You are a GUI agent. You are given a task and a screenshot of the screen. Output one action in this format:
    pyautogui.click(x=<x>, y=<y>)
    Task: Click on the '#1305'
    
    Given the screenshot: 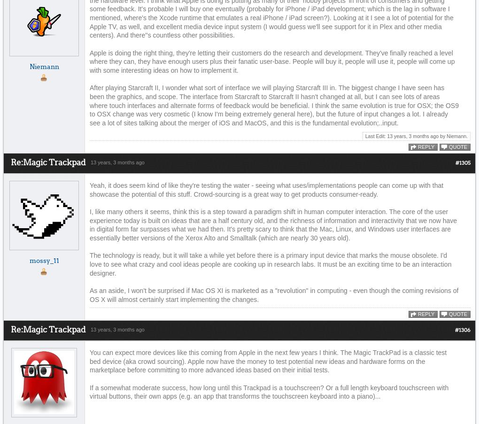 What is the action you would take?
    pyautogui.click(x=455, y=163)
    